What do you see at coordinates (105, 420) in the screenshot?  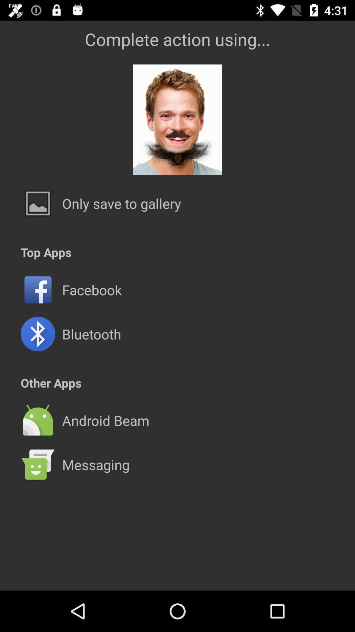 I see `the android beam app` at bounding box center [105, 420].